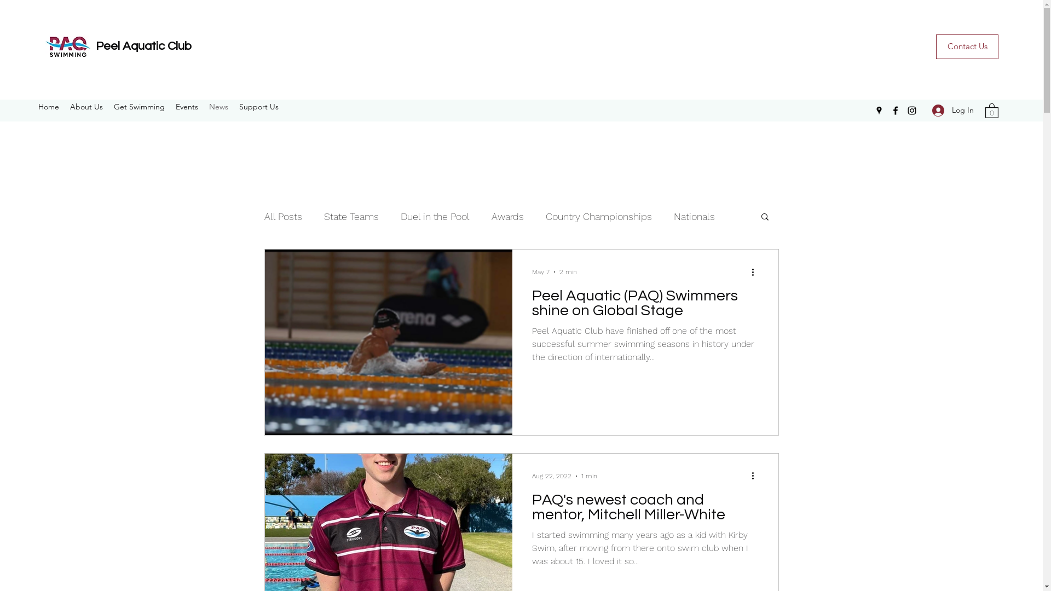 This screenshot has width=1051, height=591. Describe the element at coordinates (991, 110) in the screenshot. I see `'0'` at that location.